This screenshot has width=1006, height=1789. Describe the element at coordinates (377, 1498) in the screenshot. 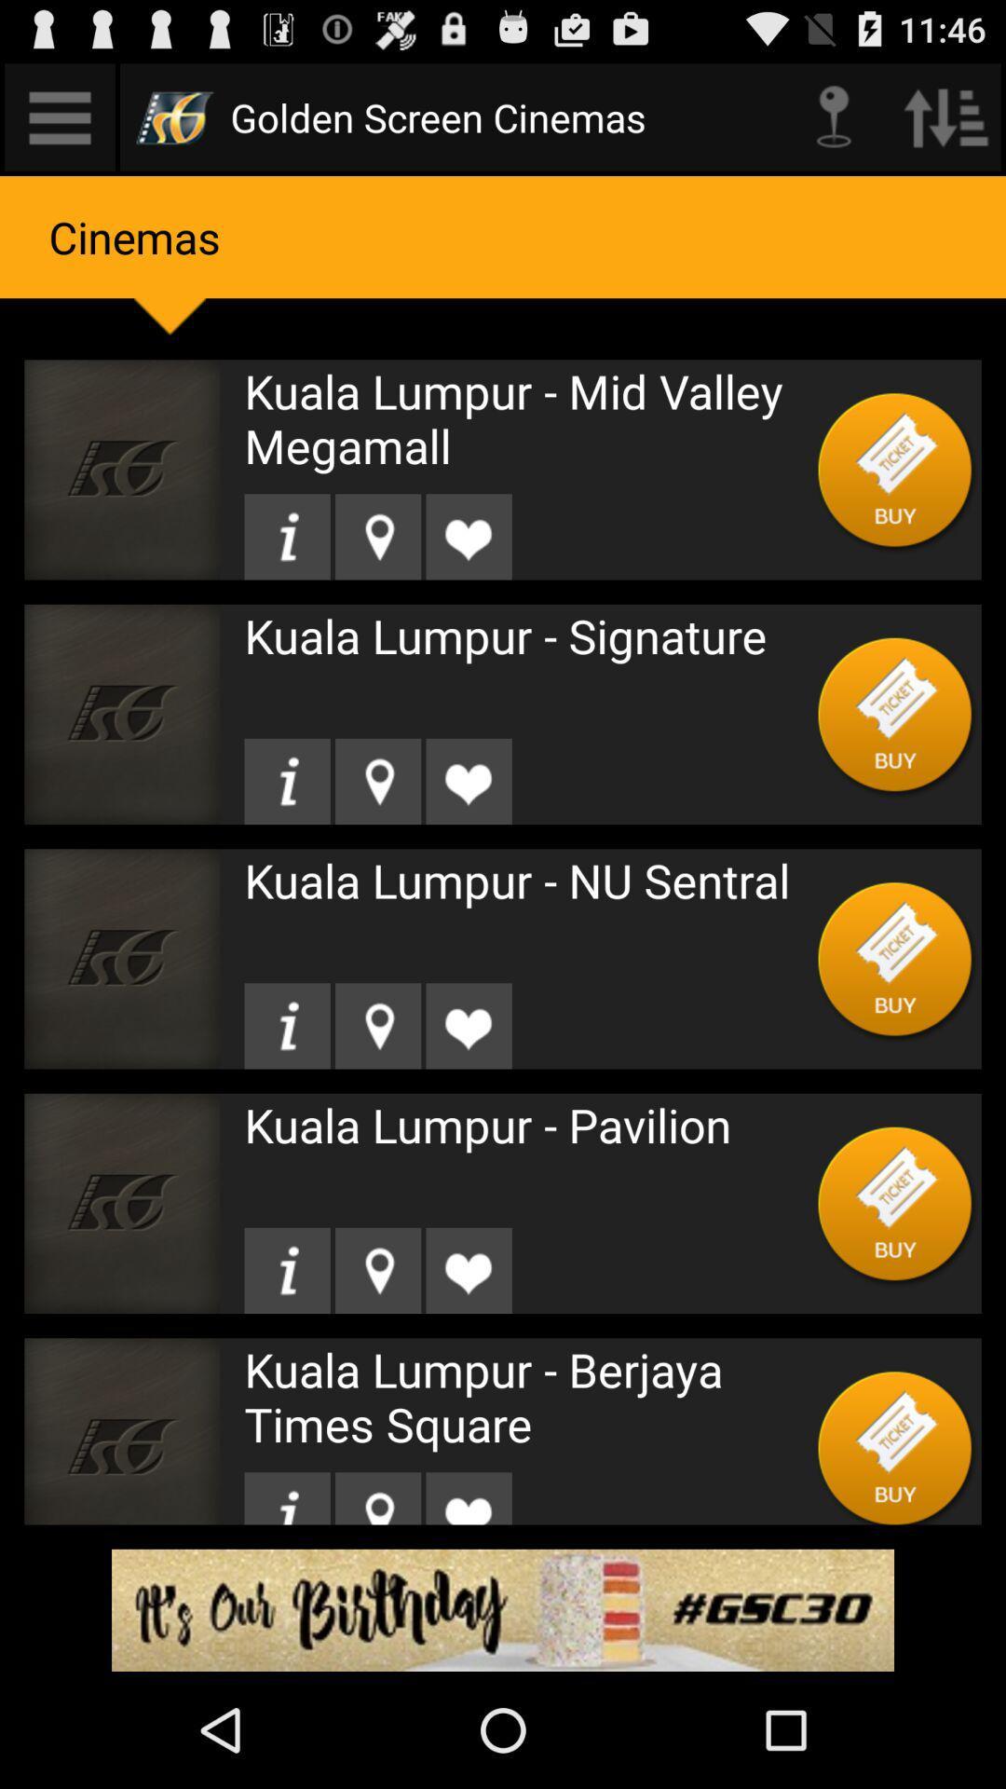

I see `check into location` at that location.